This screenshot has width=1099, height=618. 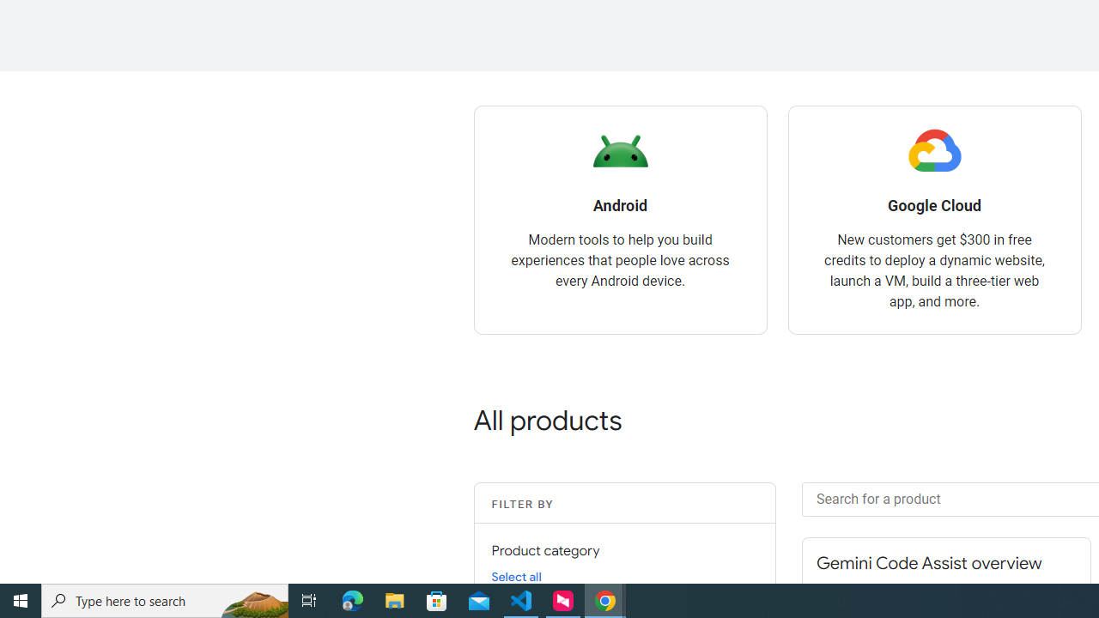 What do you see at coordinates (619, 150) in the screenshot?
I see `'Android logo'` at bounding box center [619, 150].